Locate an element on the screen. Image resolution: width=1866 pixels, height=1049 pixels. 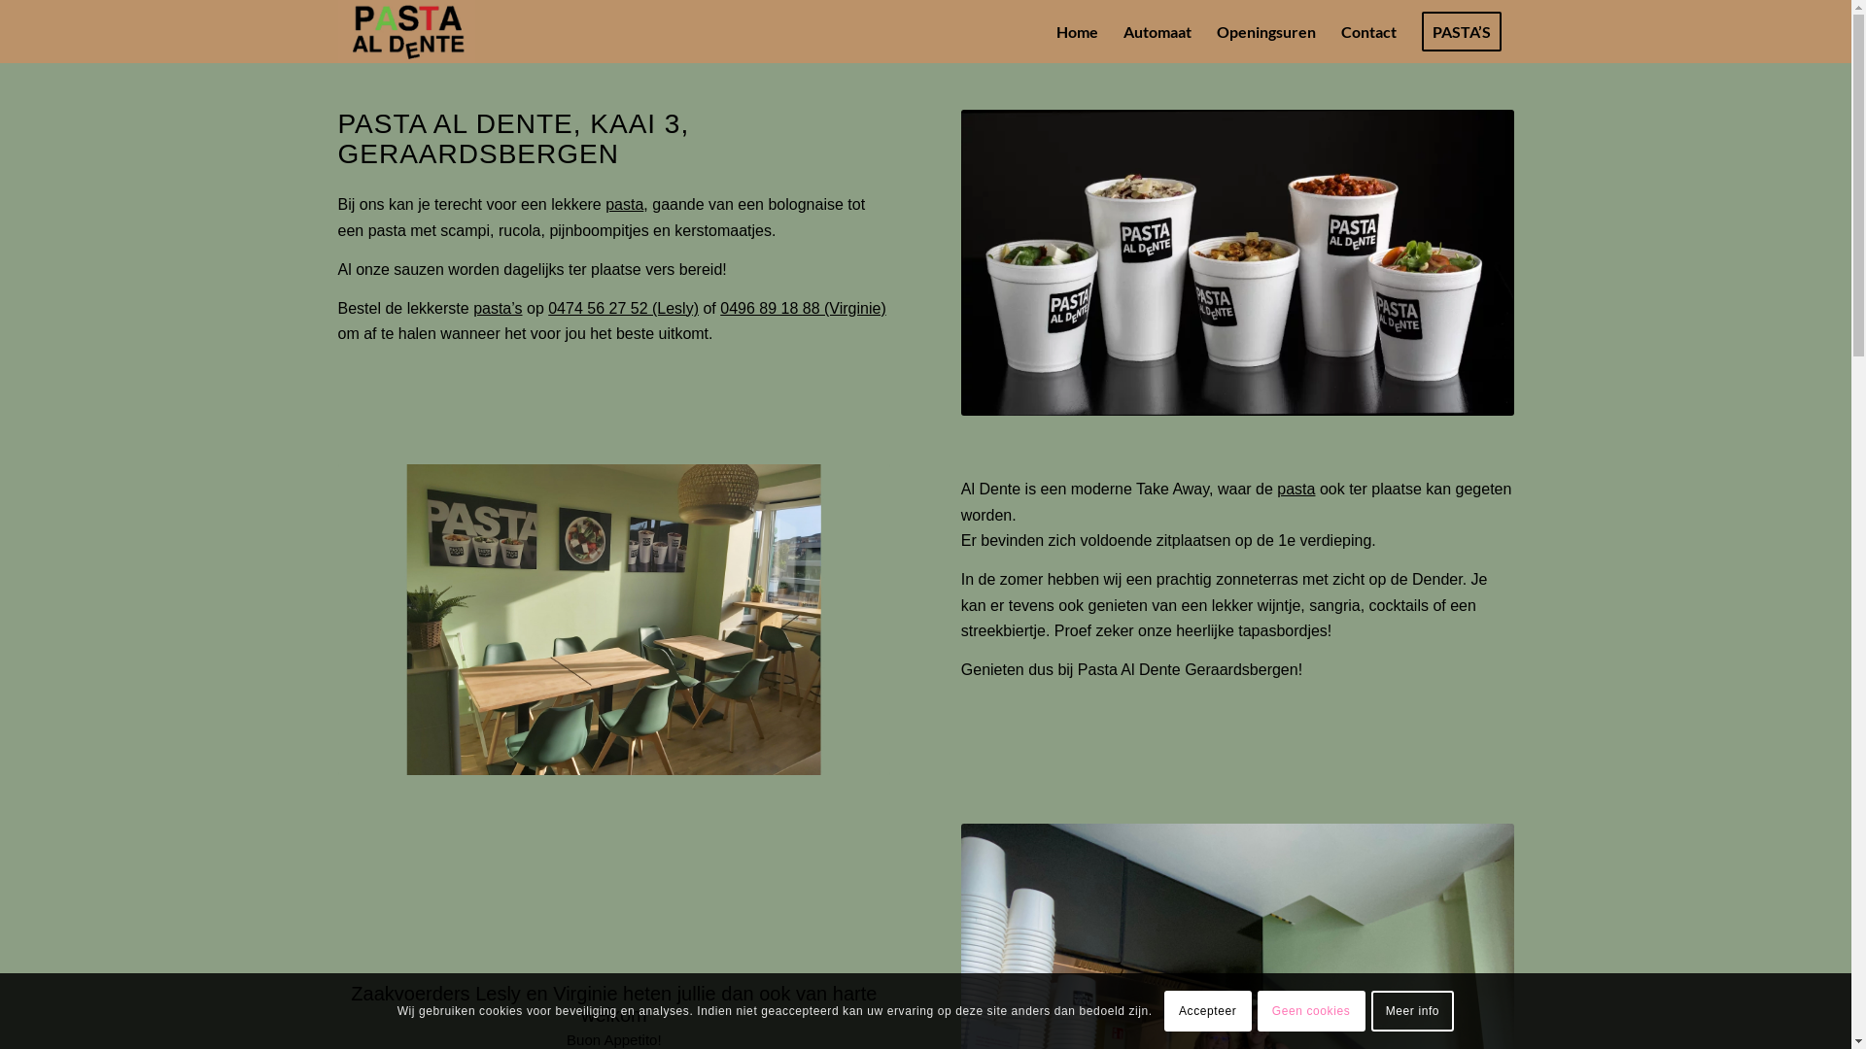
'Automaat' is located at coordinates (1110, 31).